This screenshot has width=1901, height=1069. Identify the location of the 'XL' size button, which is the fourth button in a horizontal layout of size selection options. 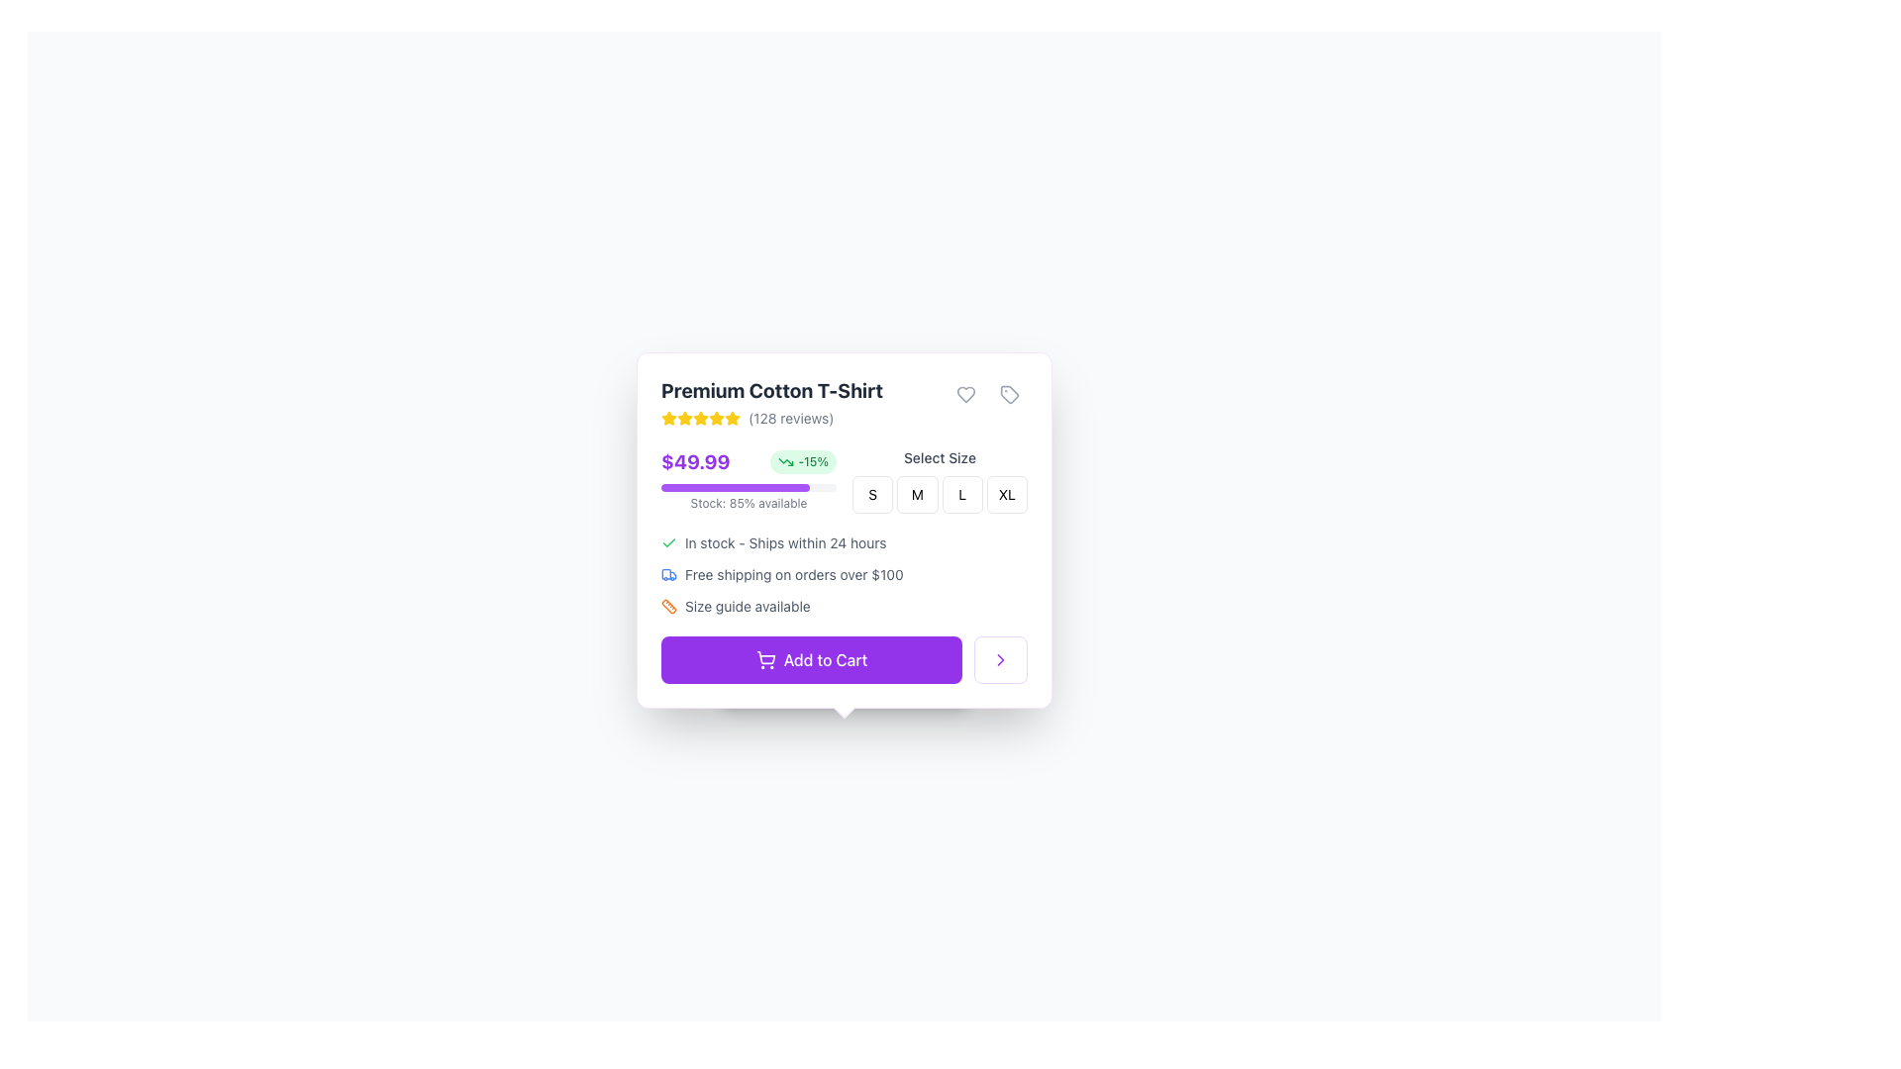
(1007, 494).